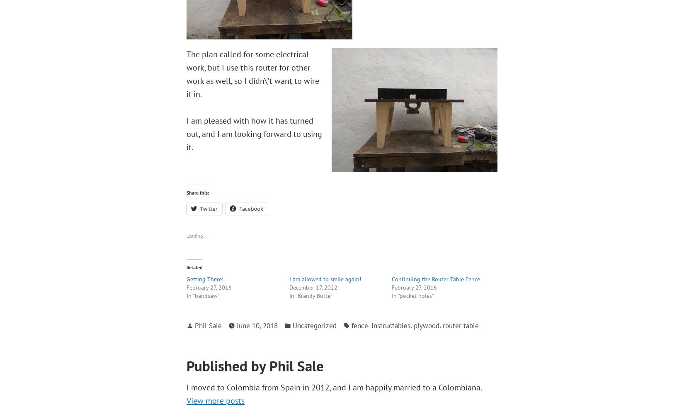 Image resolution: width=684 pixels, height=407 pixels. Describe the element at coordinates (197, 192) in the screenshot. I see `'Share this:'` at that location.